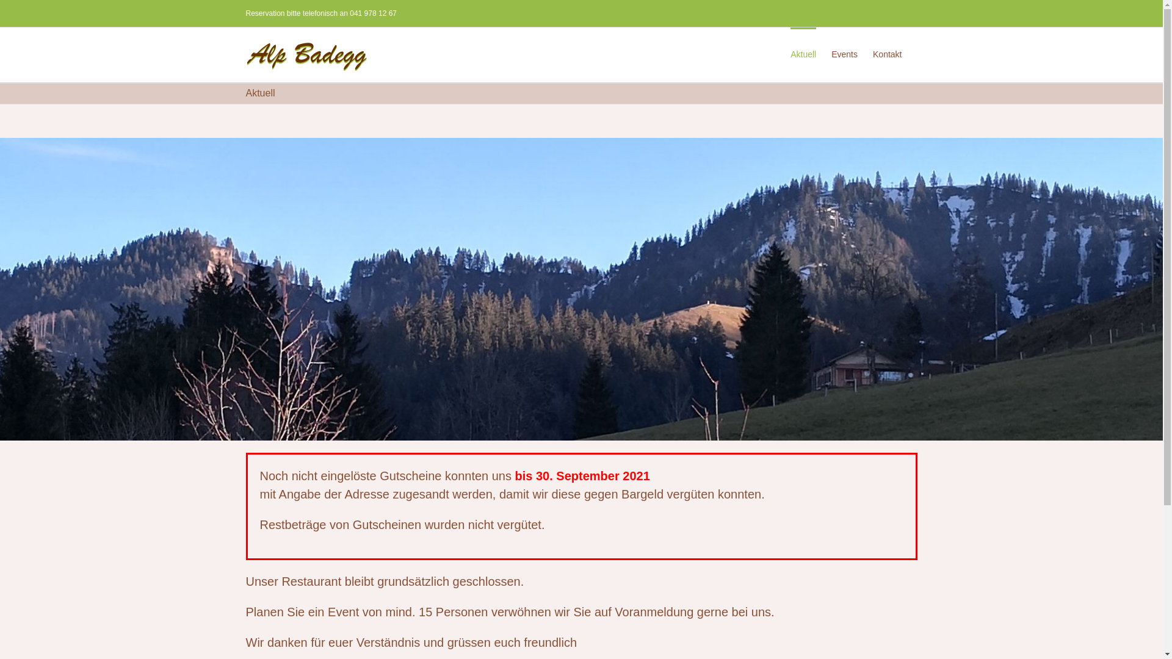  What do you see at coordinates (790, 52) in the screenshot?
I see `'Aktuell'` at bounding box center [790, 52].